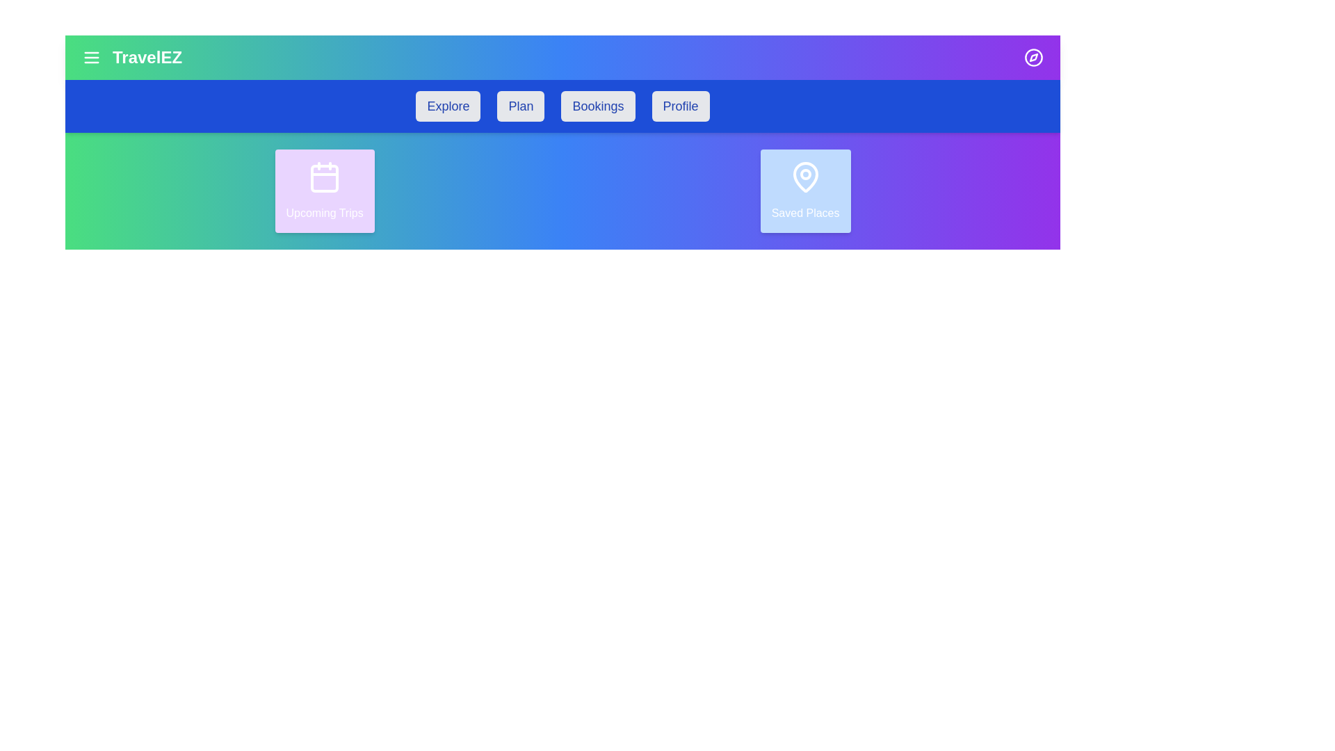  What do you see at coordinates (323, 191) in the screenshot?
I see `the 'Upcoming Trips' card to interact with it` at bounding box center [323, 191].